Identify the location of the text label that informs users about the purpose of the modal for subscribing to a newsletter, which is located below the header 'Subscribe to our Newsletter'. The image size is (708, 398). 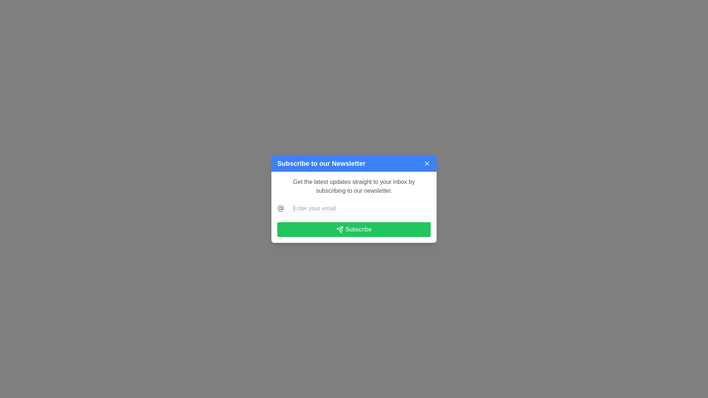
(354, 186).